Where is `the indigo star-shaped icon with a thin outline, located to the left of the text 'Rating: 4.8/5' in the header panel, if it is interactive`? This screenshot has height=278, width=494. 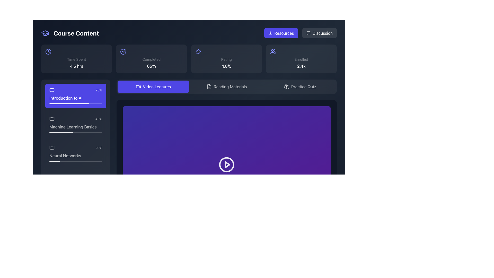 the indigo star-shaped icon with a thin outline, located to the left of the text 'Rating: 4.8/5' in the header panel, if it is interactive is located at coordinates (198, 51).